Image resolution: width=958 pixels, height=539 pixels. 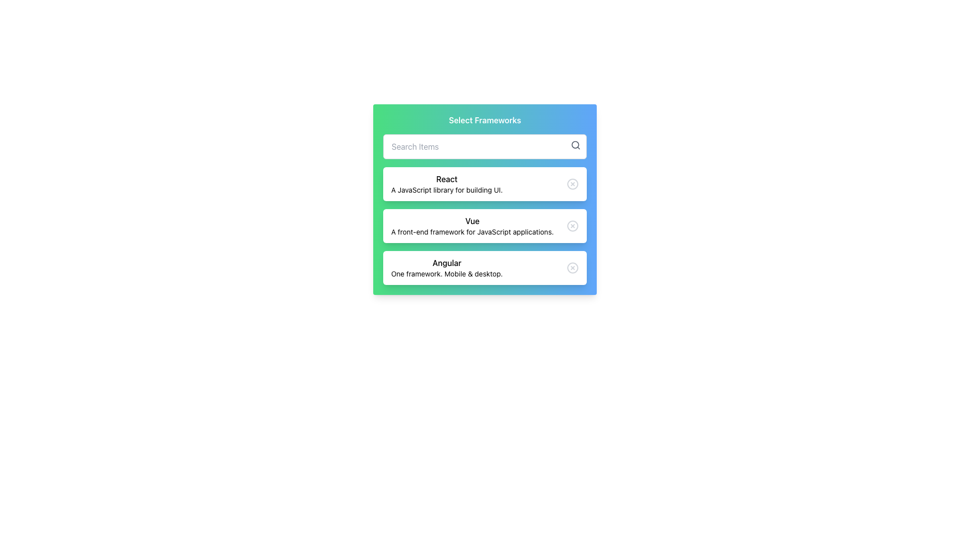 What do you see at coordinates (446, 263) in the screenshot?
I see `the 'Angular' text label in the framework options list, which is located below 'React' and 'Vue'` at bounding box center [446, 263].